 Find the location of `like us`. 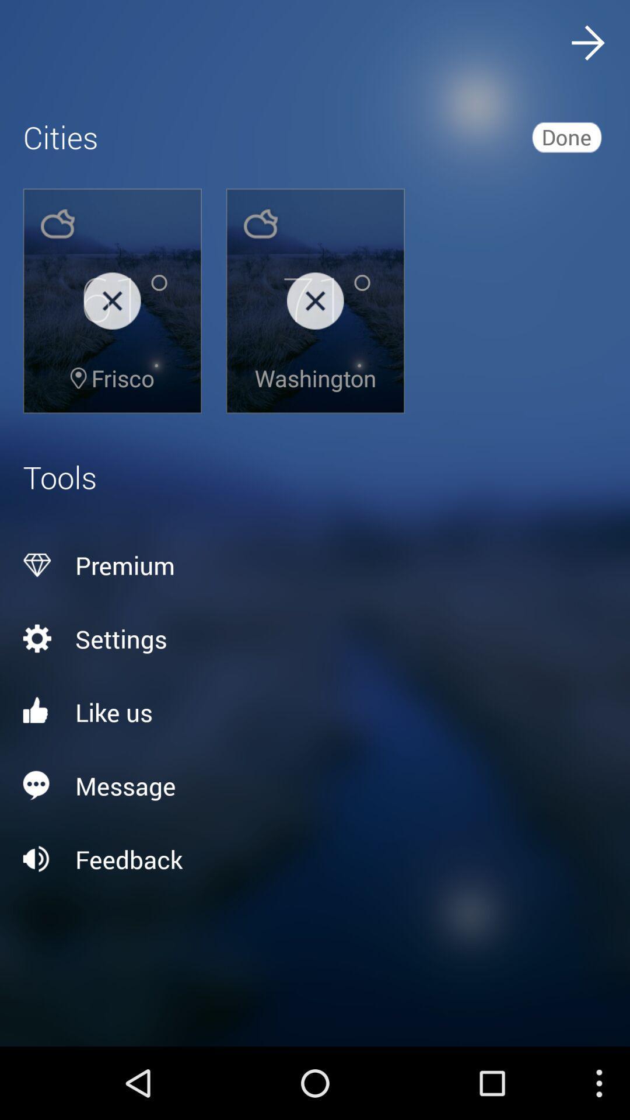

like us is located at coordinates (315, 711).